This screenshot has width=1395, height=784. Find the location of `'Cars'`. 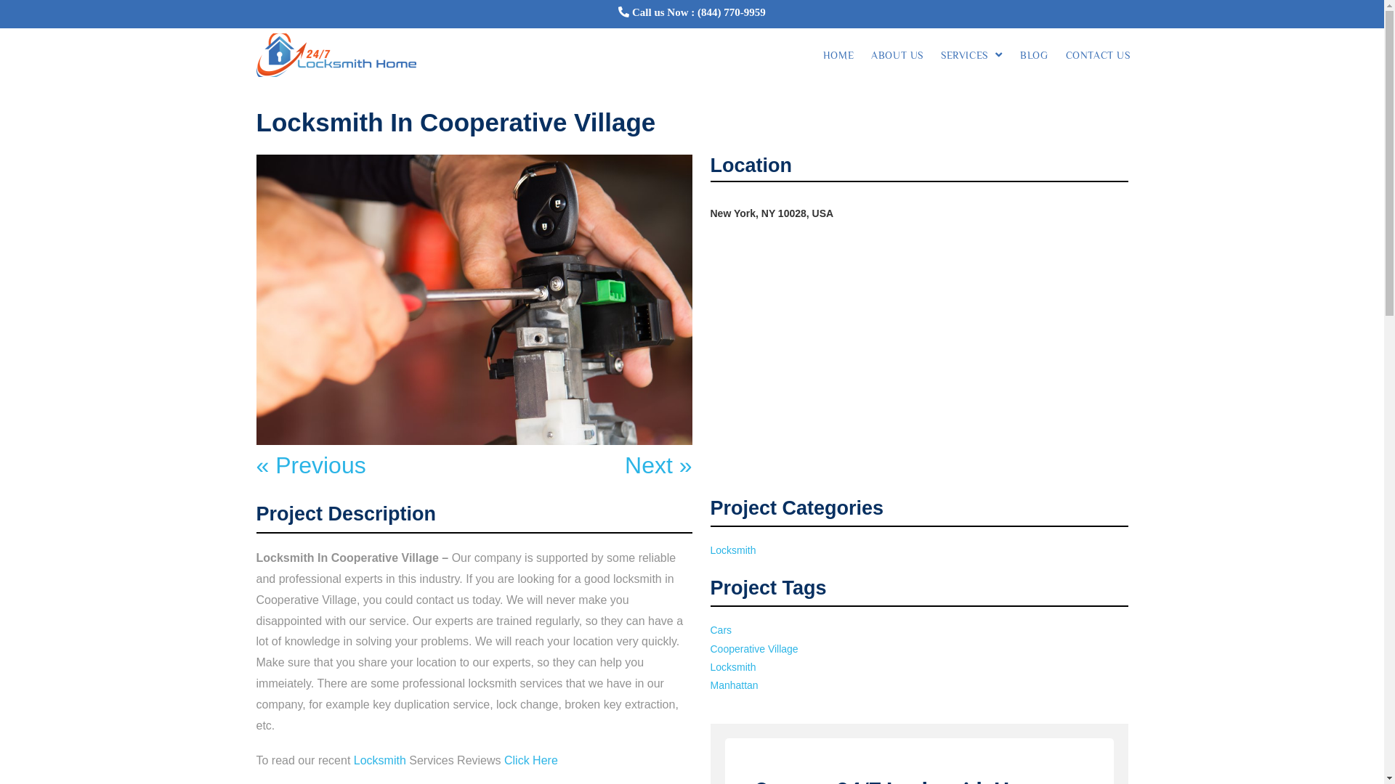

'Cars' is located at coordinates (721, 629).